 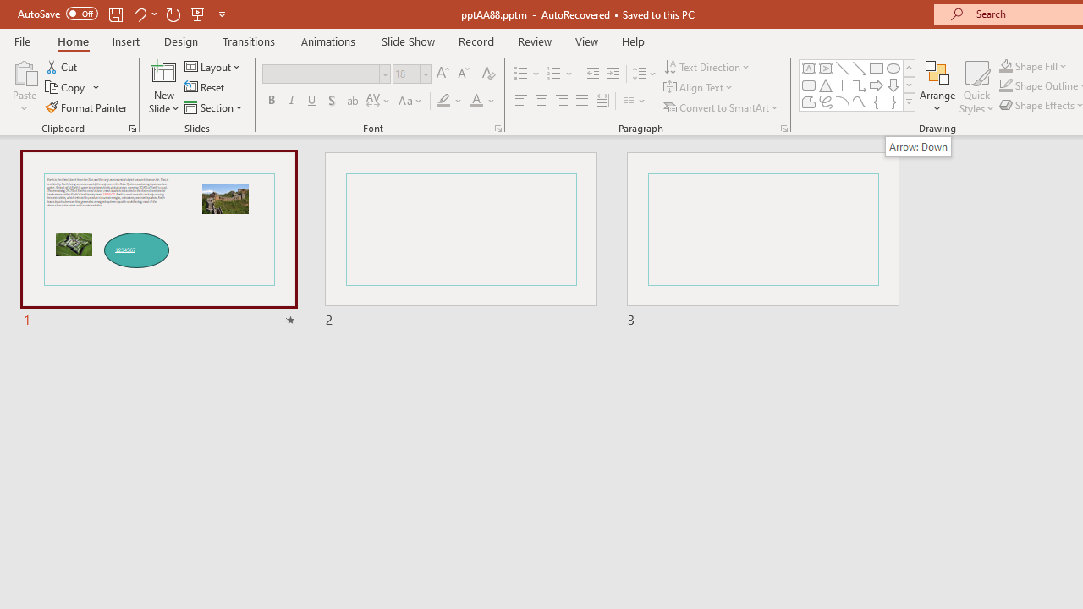 What do you see at coordinates (592, 73) in the screenshot?
I see `'Decrease Indent'` at bounding box center [592, 73].